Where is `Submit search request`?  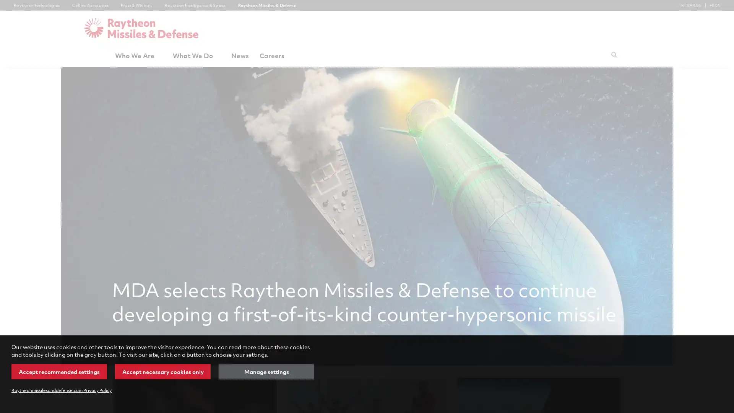 Submit search request is located at coordinates (614, 54).